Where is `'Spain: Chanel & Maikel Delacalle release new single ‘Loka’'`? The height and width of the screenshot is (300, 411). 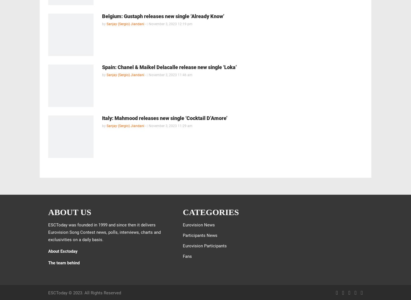
'Spain: Chanel & Maikel Delacalle release new single ‘Loka’' is located at coordinates (169, 67).